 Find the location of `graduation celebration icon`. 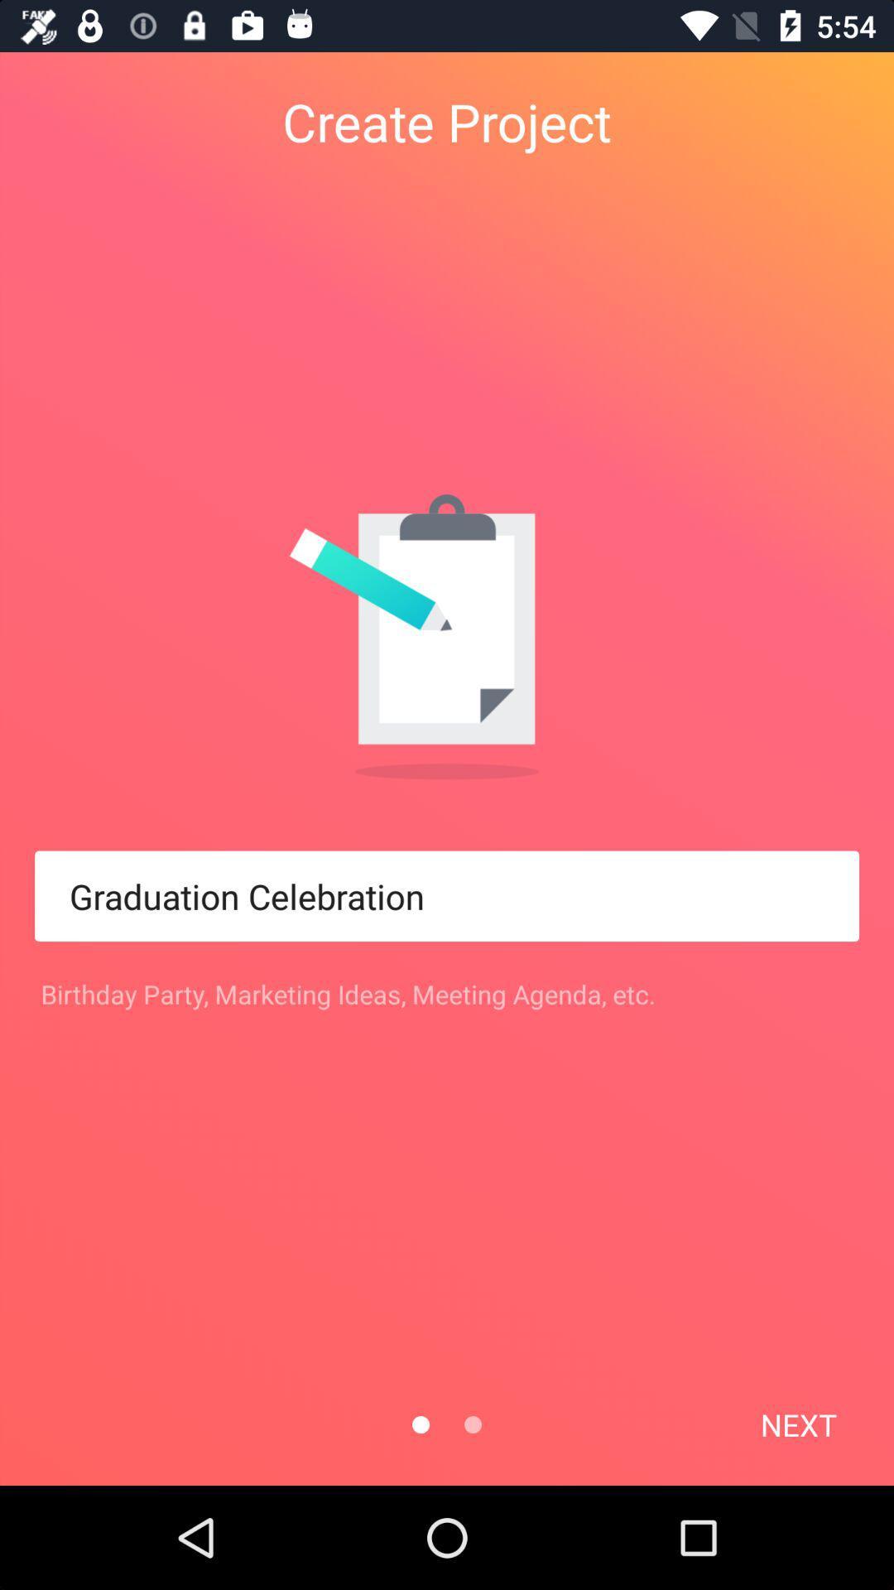

graduation celebration icon is located at coordinates (447, 895).